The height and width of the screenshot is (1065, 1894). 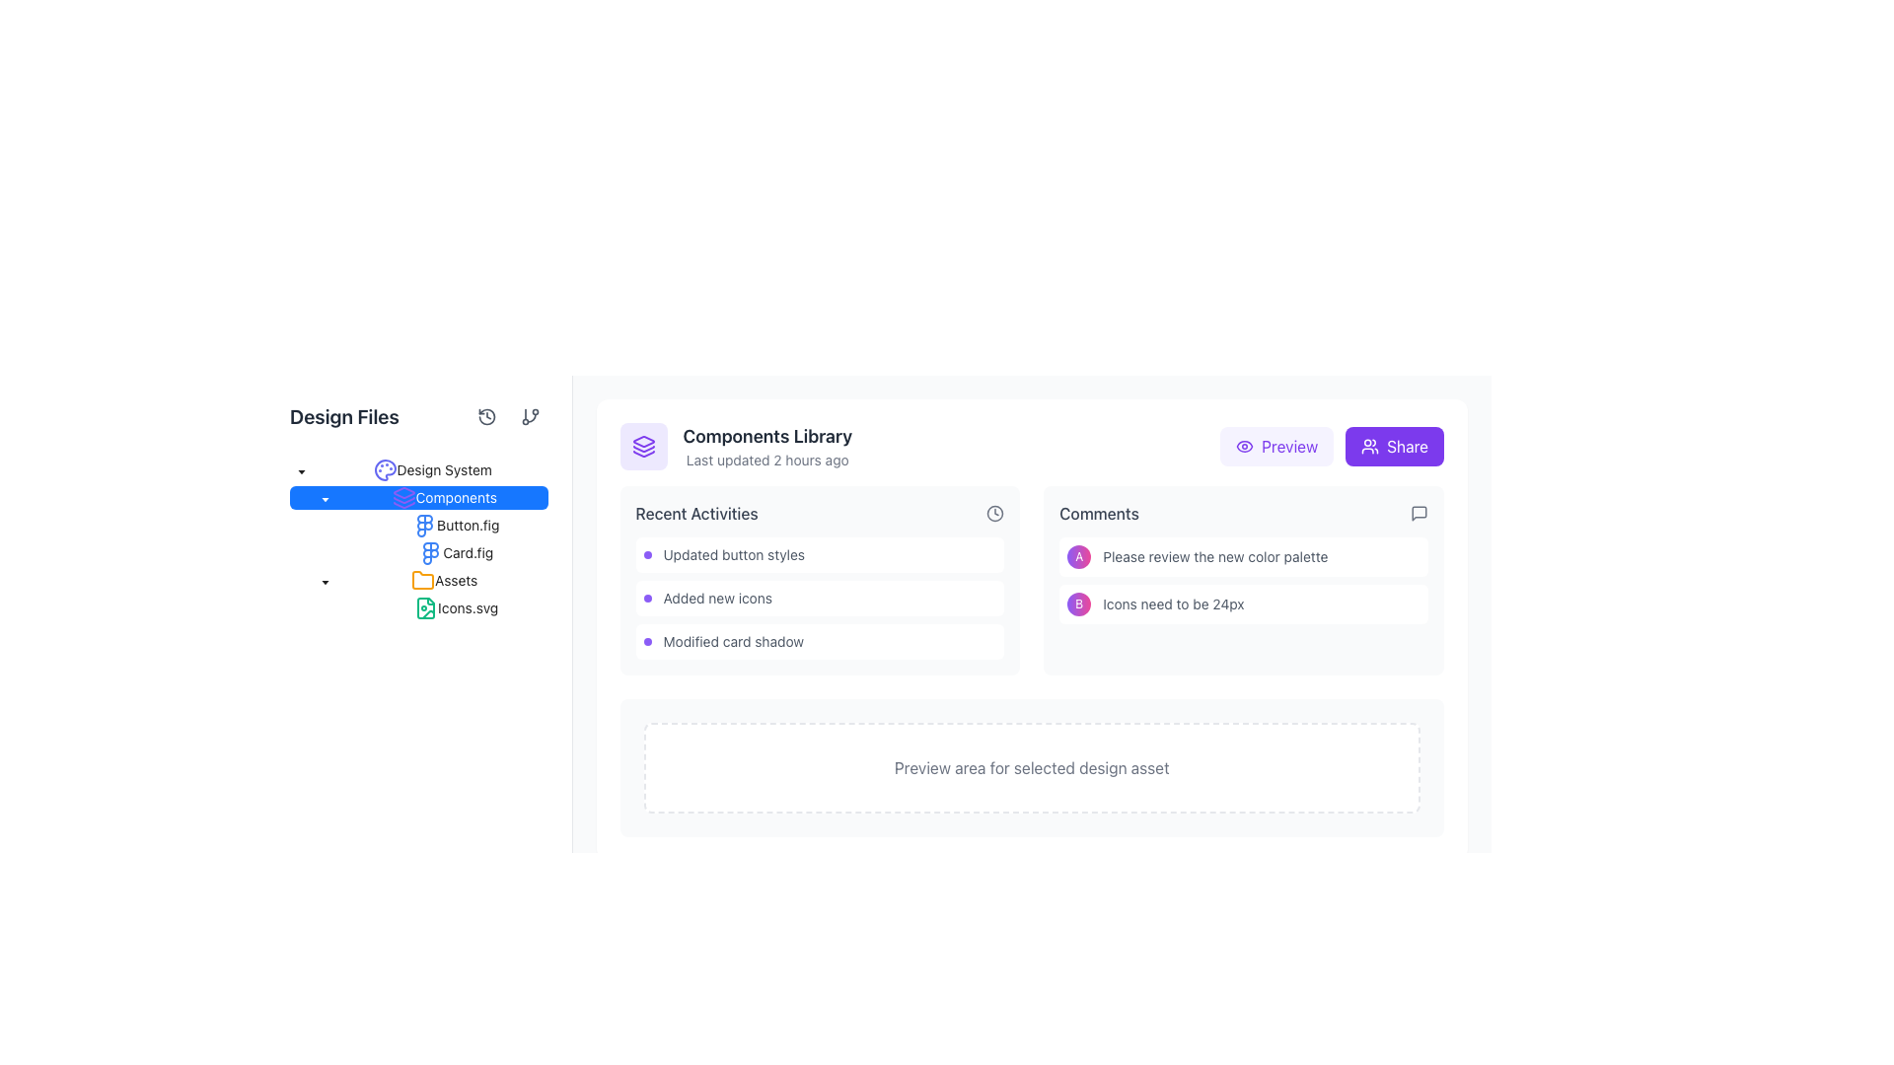 What do you see at coordinates (1243, 512) in the screenshot?
I see `the 'Comments' section header with a speech bubble icon located in the upper portion of the section in the middle-right area of the interface` at bounding box center [1243, 512].